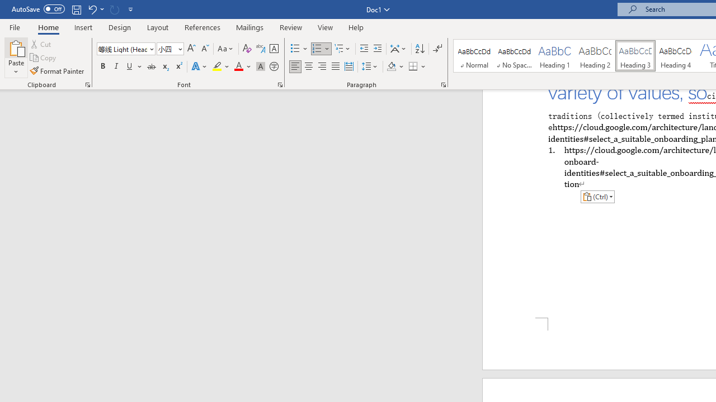  I want to click on 'Undo Paste', so click(95, 9).